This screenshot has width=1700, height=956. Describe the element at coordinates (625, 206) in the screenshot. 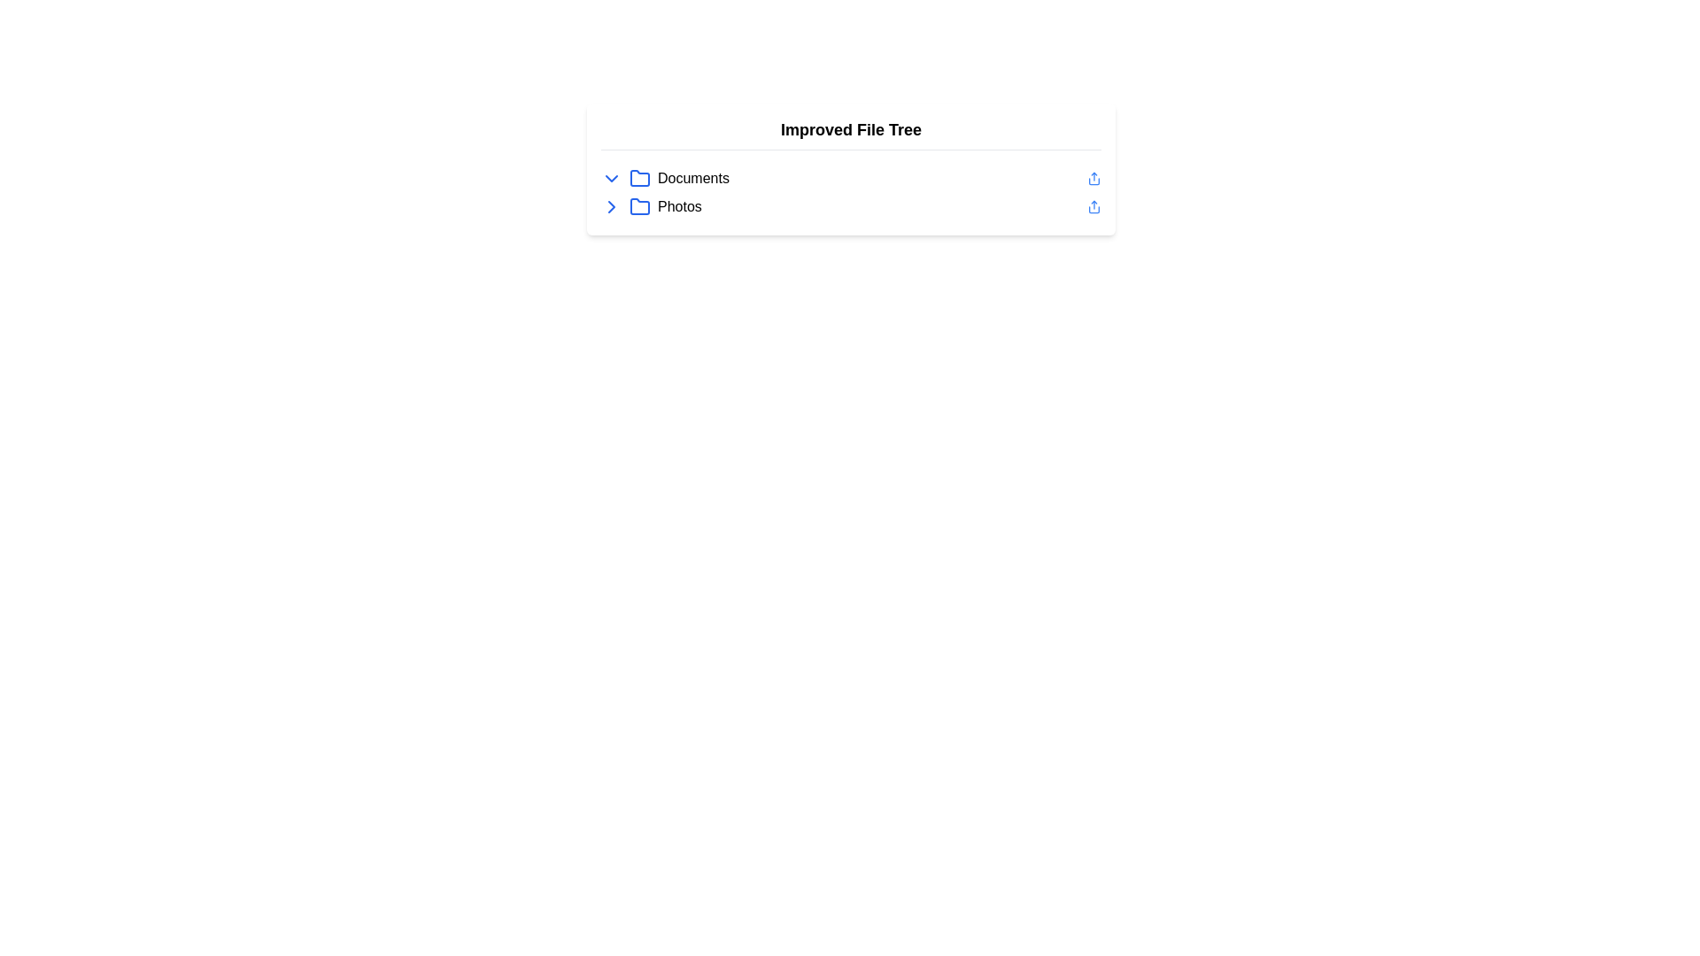

I see `the chevron icon next to the 'Photos' folder in the navigation file tree` at that location.